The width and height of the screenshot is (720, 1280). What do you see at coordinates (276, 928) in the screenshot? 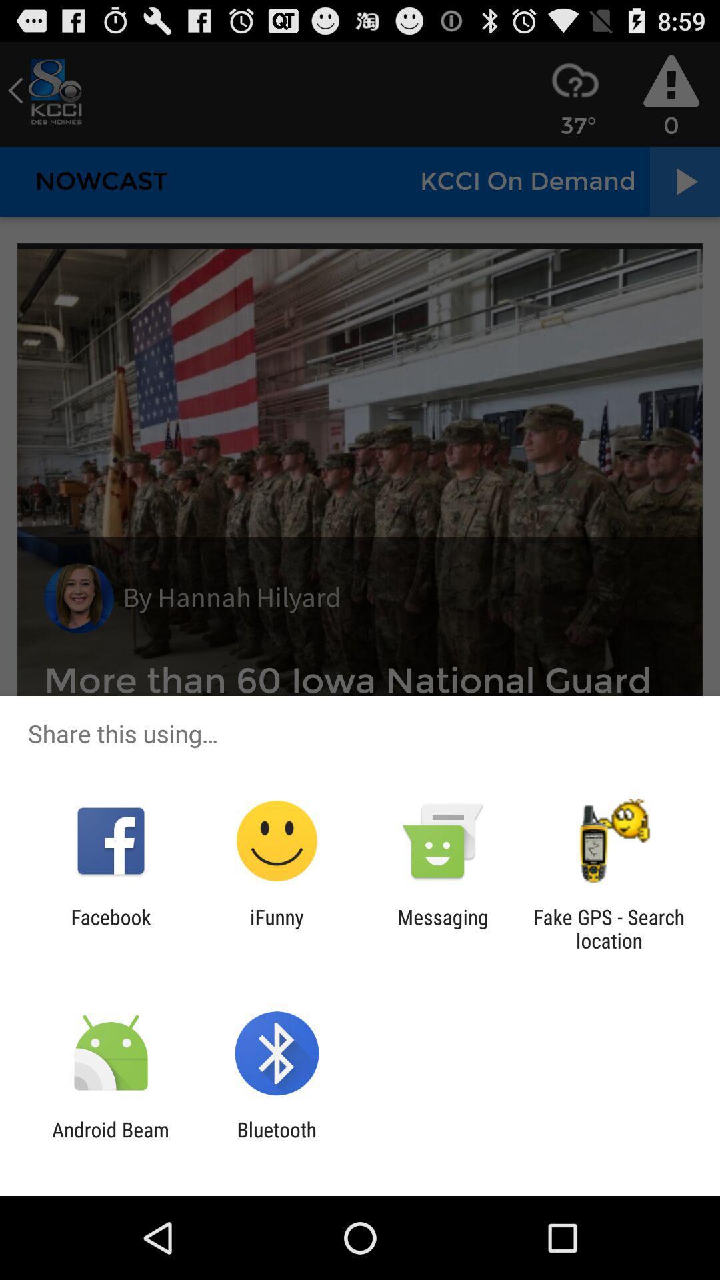
I see `app to the left of the messaging` at bounding box center [276, 928].